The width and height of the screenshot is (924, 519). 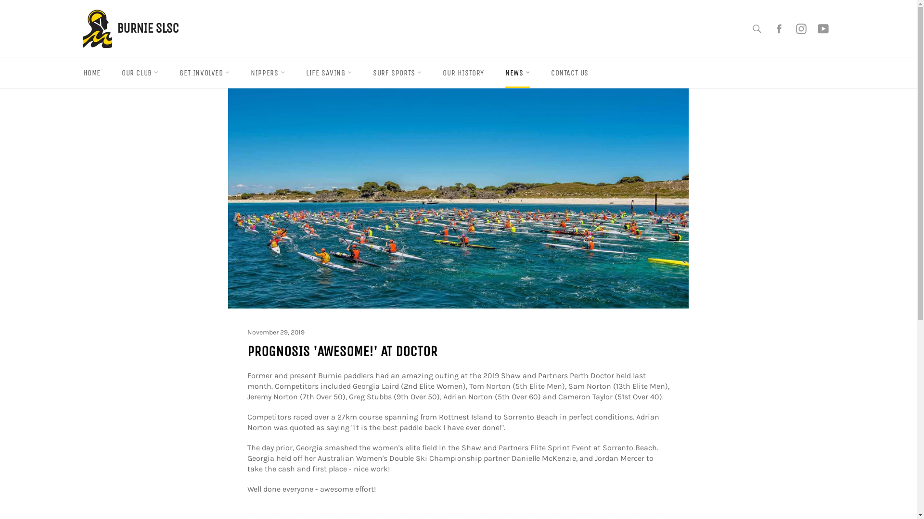 I want to click on 'Search', so click(x=746, y=28).